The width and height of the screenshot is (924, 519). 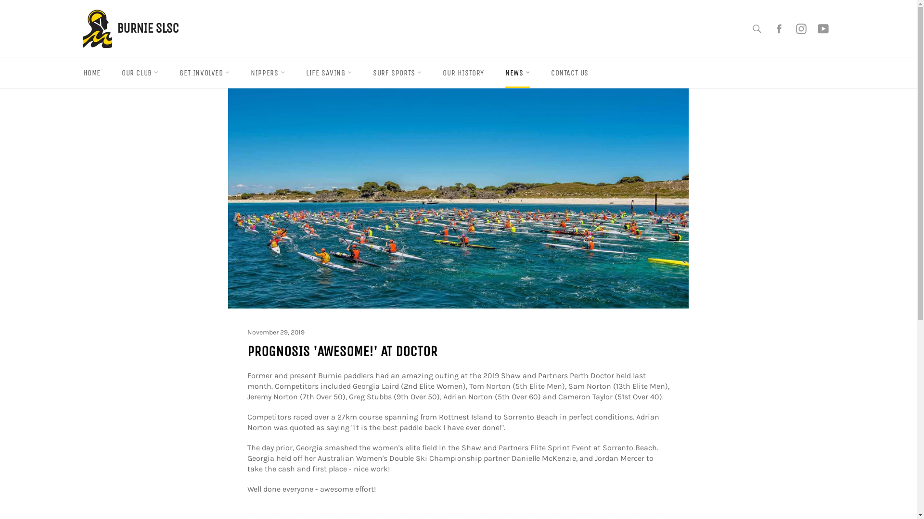 I want to click on 'Search', so click(x=746, y=28).